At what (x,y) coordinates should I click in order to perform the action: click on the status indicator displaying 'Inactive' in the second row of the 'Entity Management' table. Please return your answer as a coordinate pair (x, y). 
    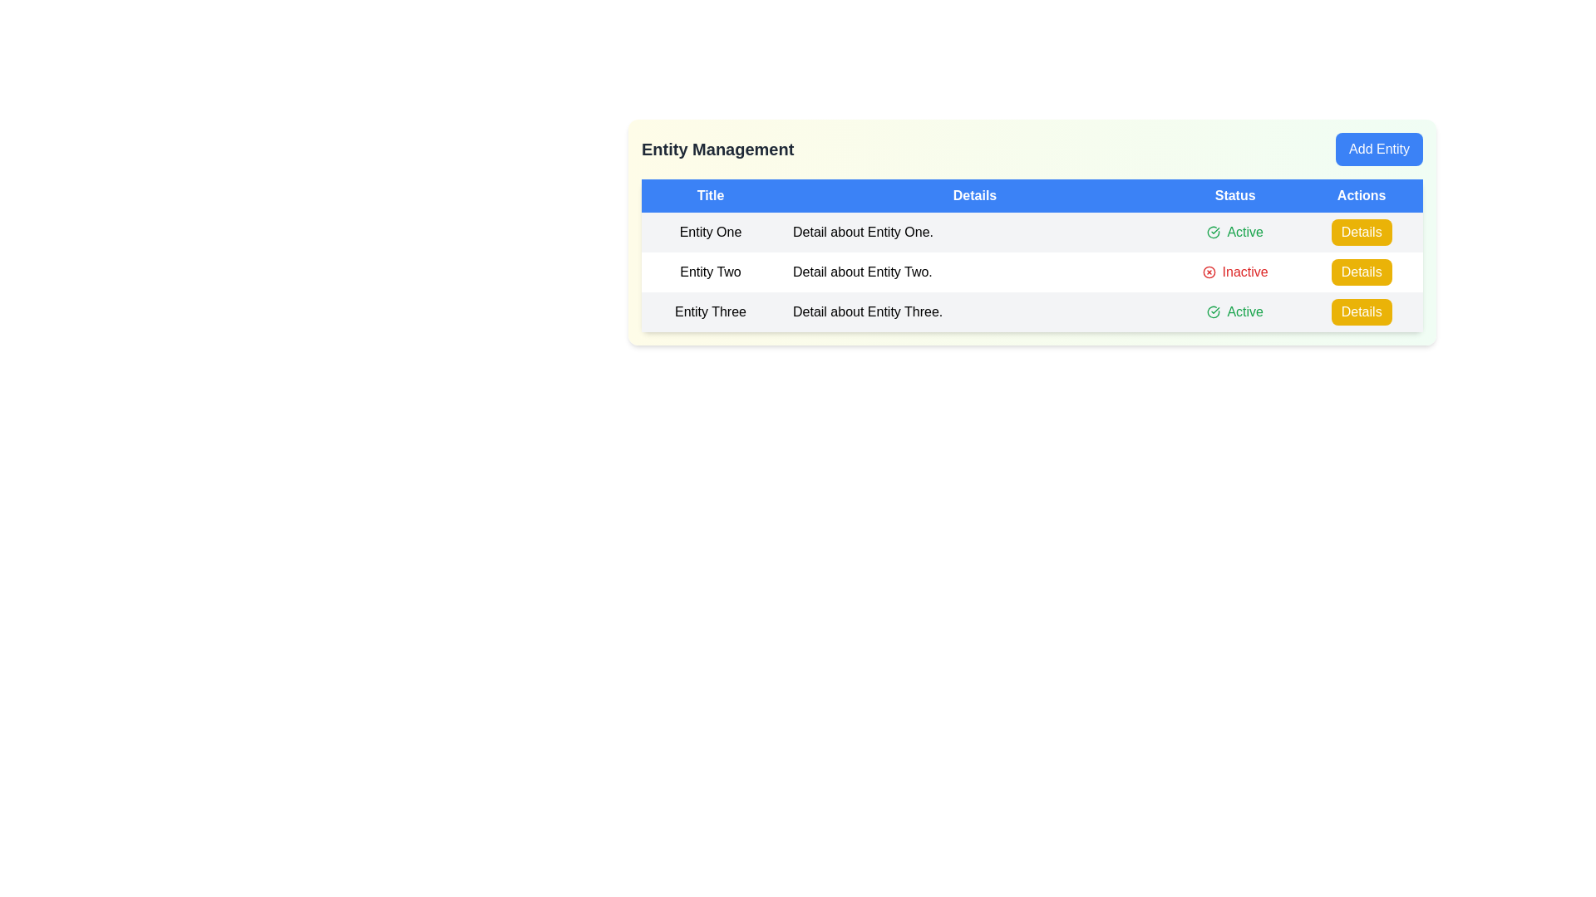
    Looking at the image, I should click on (1032, 271).